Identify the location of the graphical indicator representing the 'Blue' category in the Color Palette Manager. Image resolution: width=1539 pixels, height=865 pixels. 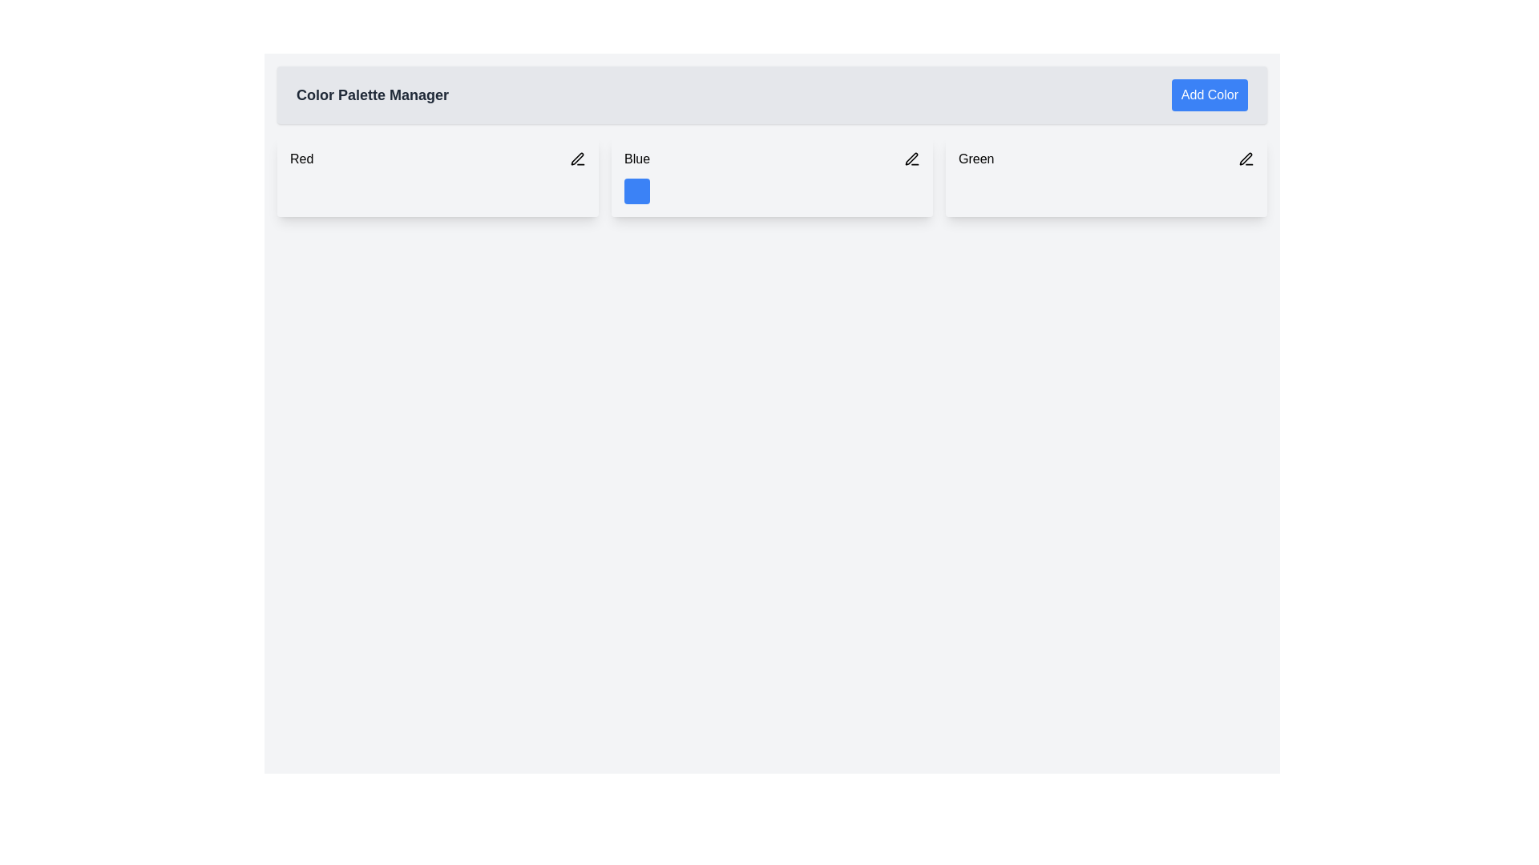
(669, 191).